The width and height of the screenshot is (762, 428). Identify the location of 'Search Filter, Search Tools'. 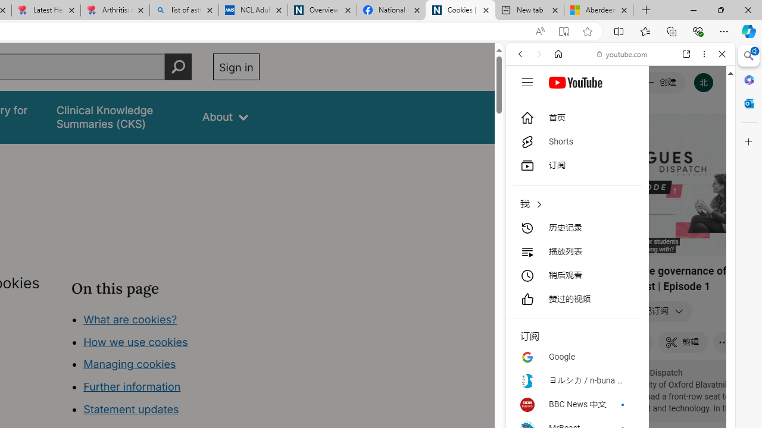
(650, 135).